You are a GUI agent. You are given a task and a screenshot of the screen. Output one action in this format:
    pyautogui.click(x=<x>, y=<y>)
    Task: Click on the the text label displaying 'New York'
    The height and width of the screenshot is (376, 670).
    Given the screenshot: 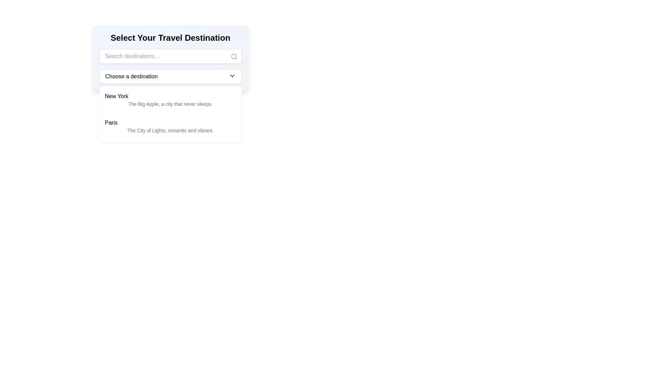 What is the action you would take?
    pyautogui.click(x=170, y=96)
    